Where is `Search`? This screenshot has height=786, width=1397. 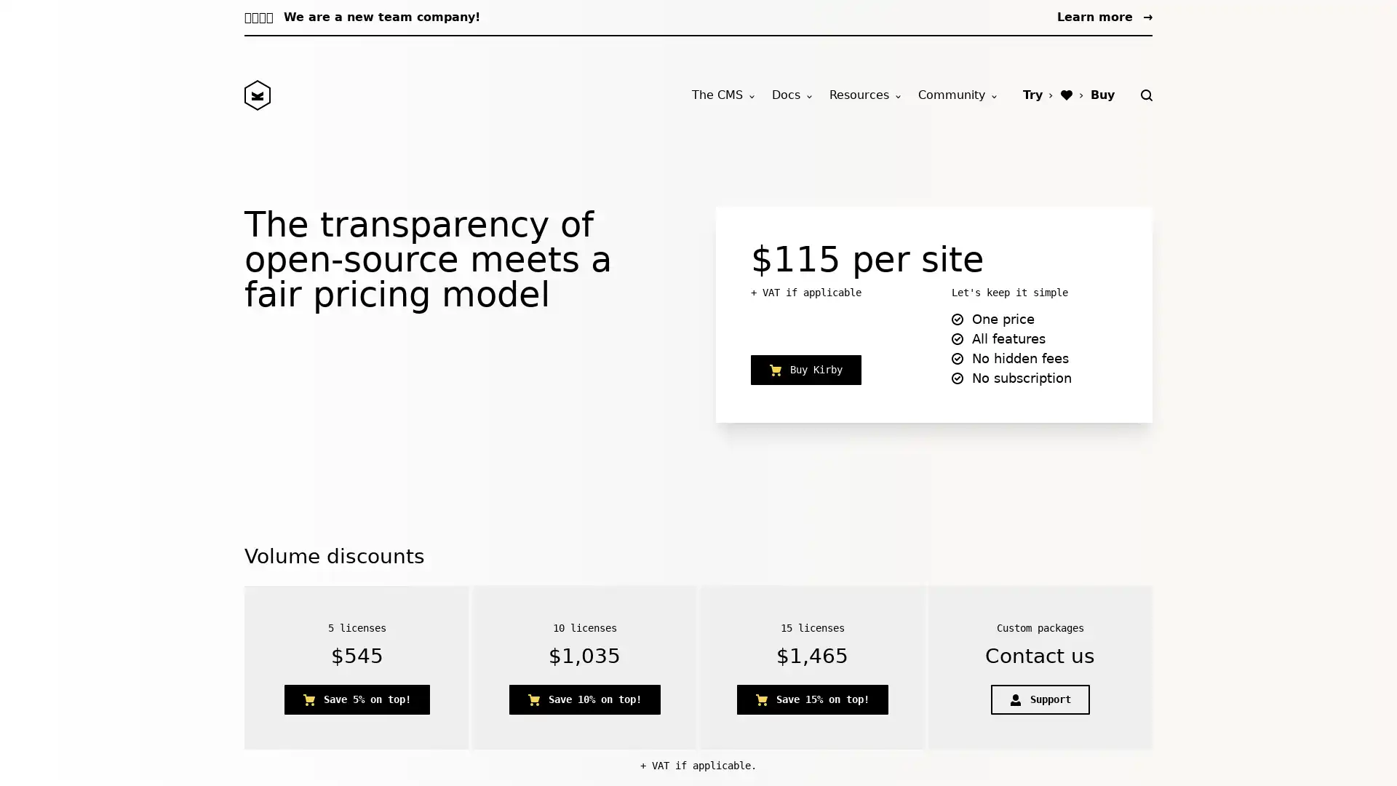 Search is located at coordinates (1145, 95).